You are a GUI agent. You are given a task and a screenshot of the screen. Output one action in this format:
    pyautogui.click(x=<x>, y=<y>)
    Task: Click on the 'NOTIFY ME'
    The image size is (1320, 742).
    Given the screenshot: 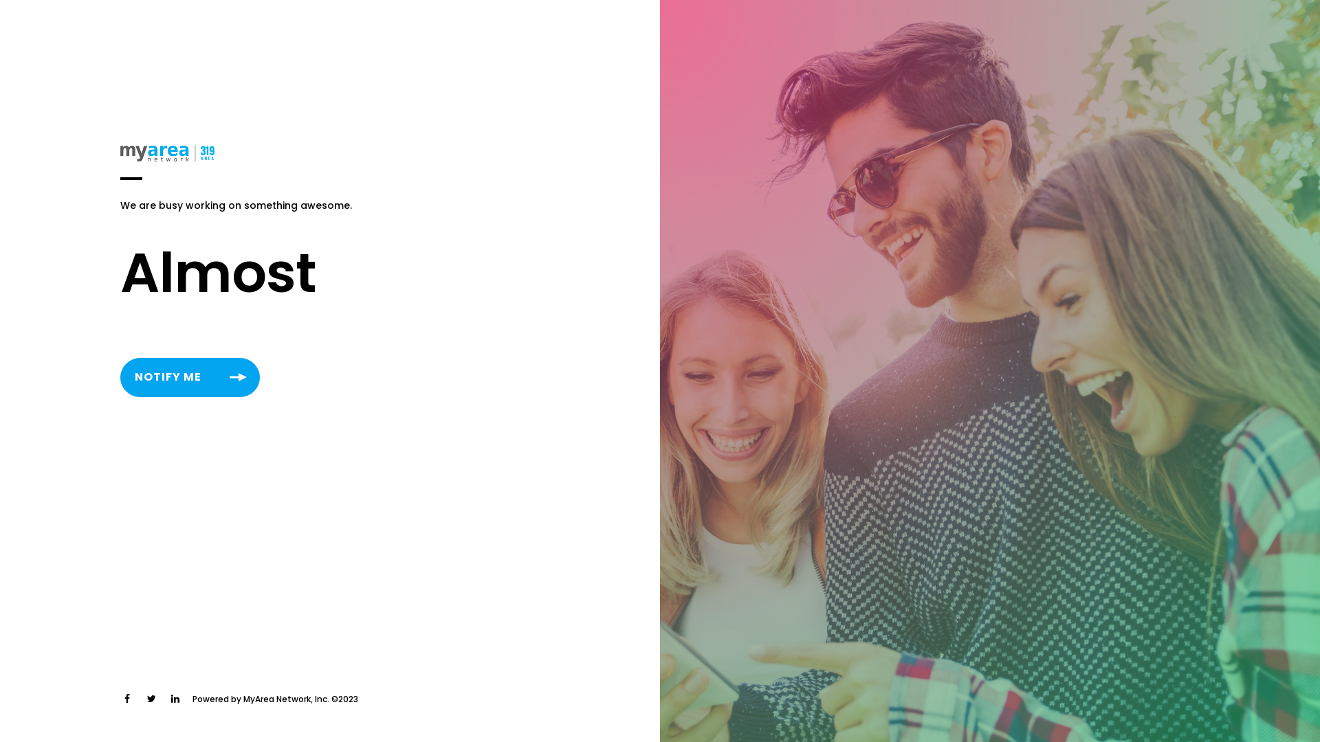 What is the action you would take?
    pyautogui.click(x=189, y=377)
    